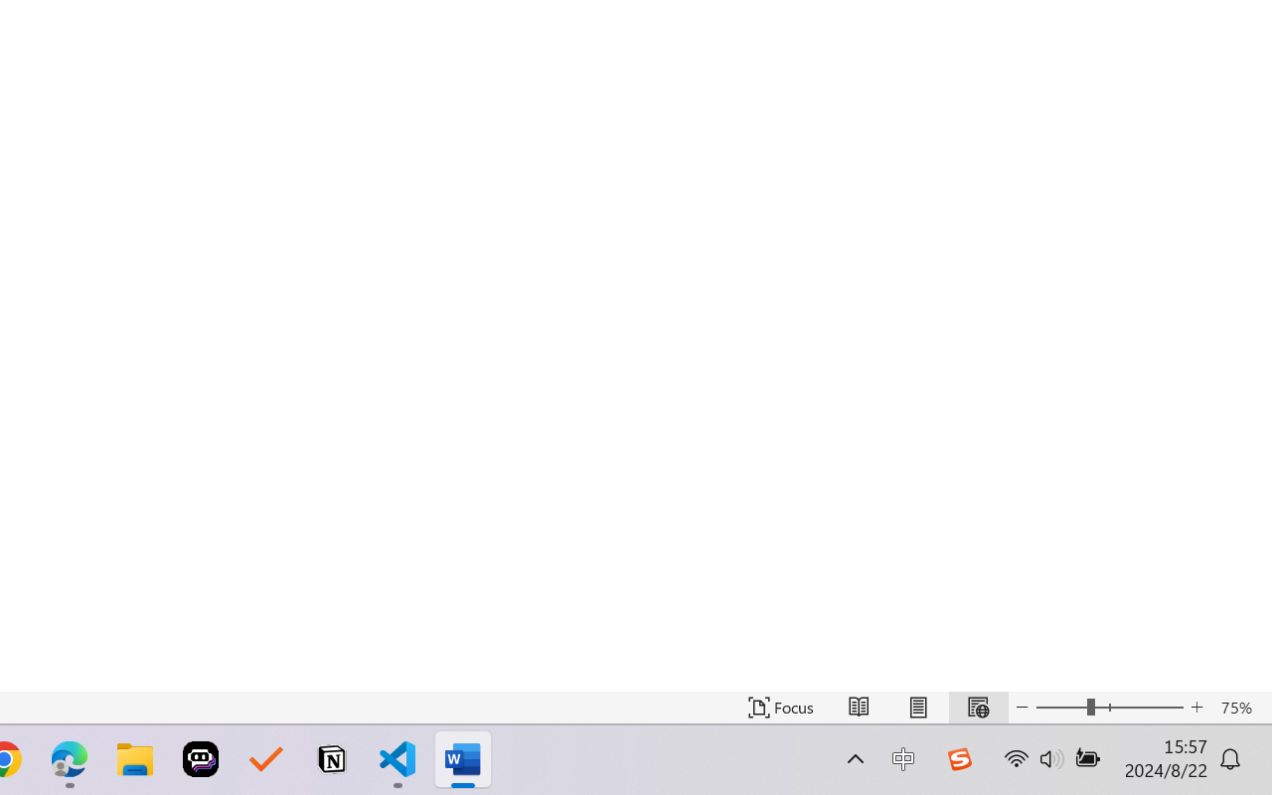 This screenshot has height=795, width=1272. I want to click on 'Zoom In', so click(1196, 707).